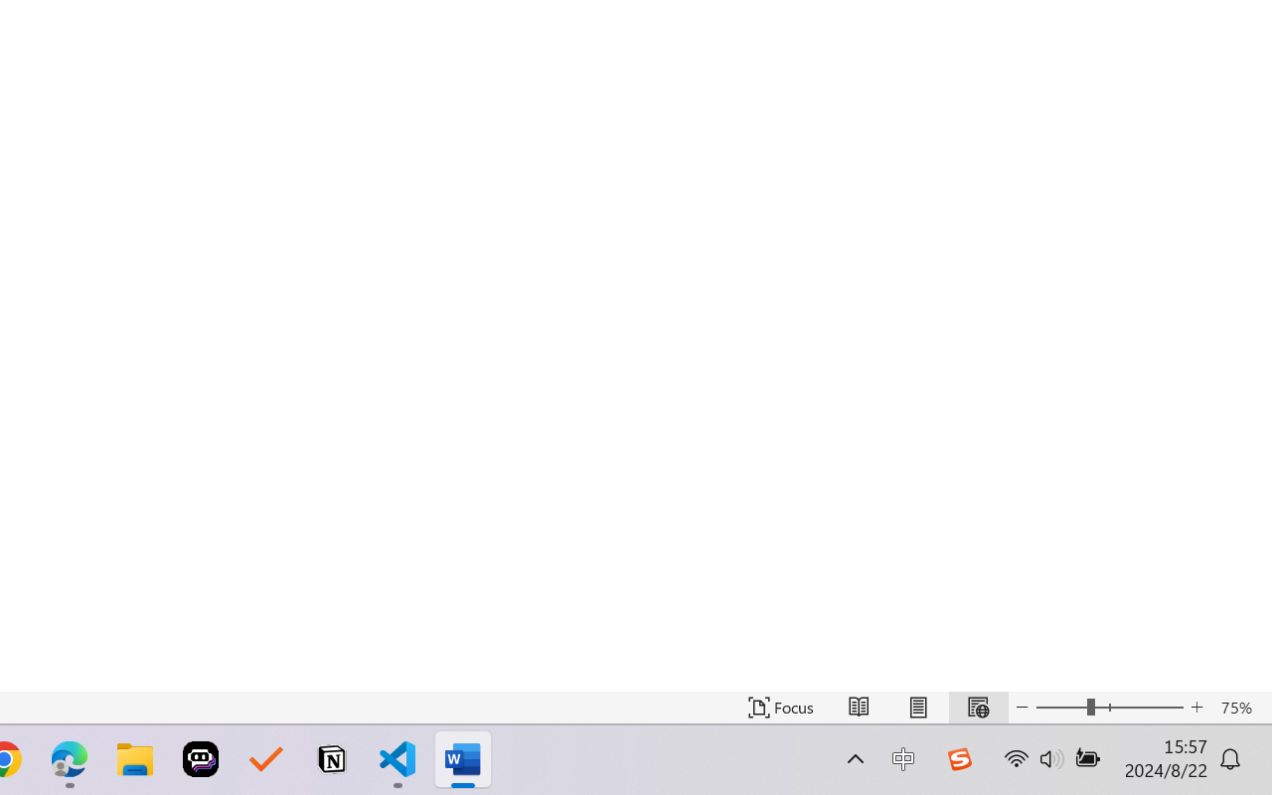 This screenshot has height=795, width=1272. I want to click on 'Zoom In', so click(1196, 707).